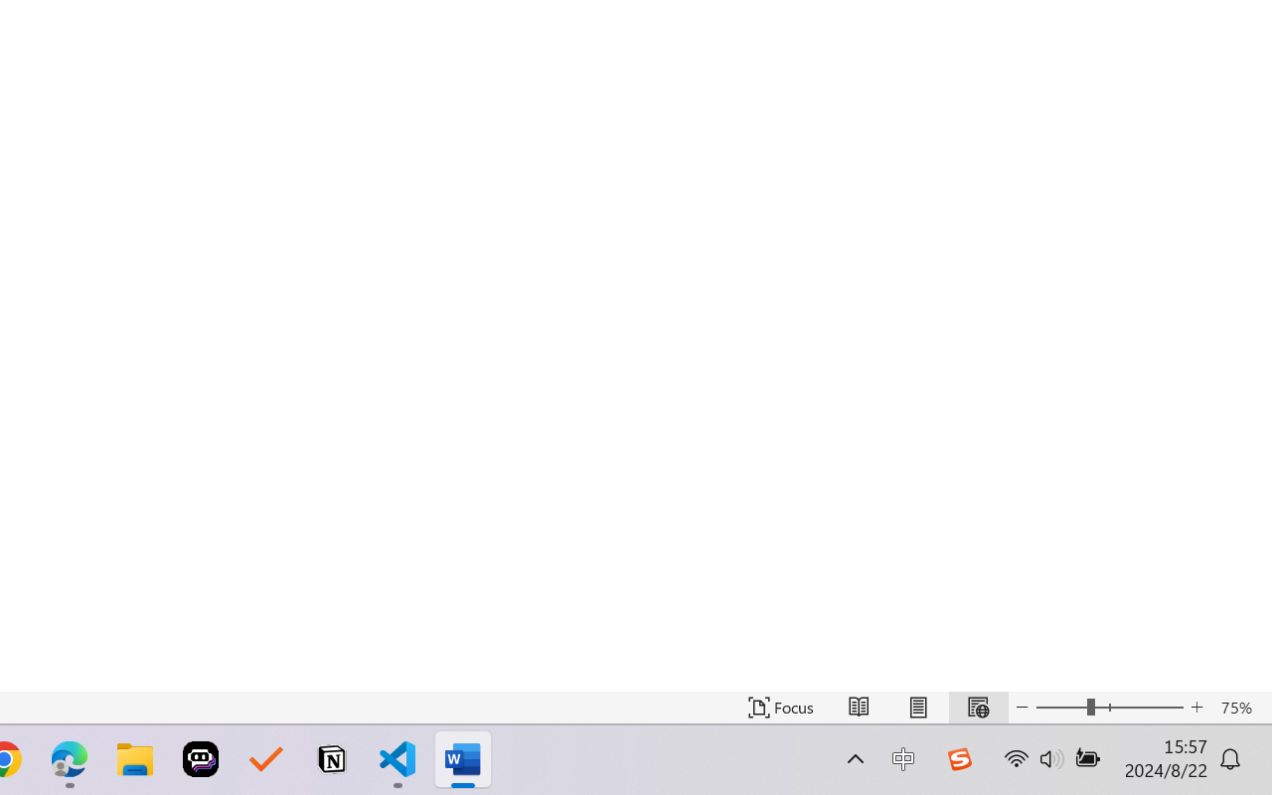 This screenshot has height=795, width=1272. I want to click on 'Zoom In', so click(1196, 707).